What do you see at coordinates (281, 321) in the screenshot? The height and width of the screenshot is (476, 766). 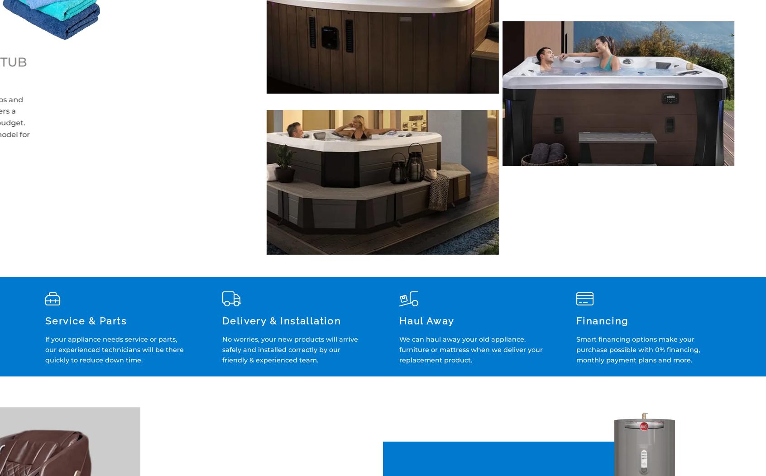 I see `'Delivery & Installation'` at bounding box center [281, 321].